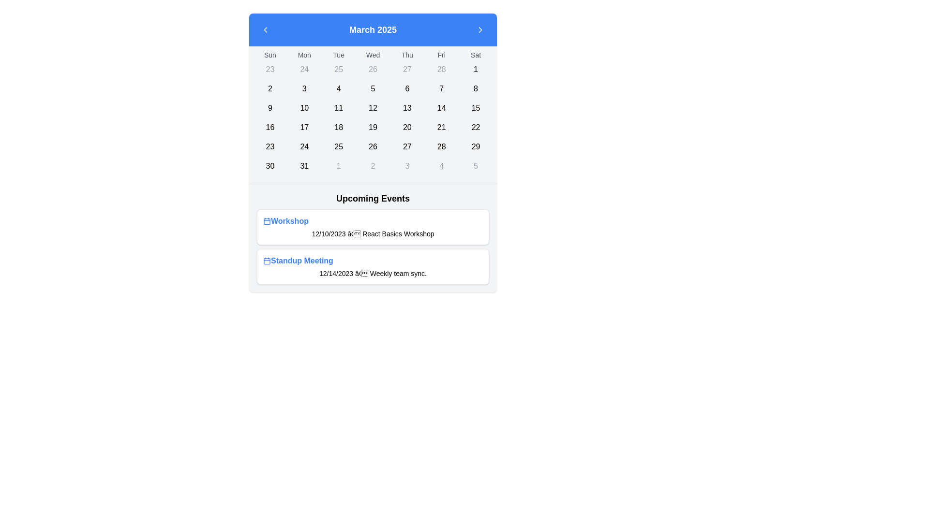 The image size is (929, 522). I want to click on the blue rectangular banner at the top of the calendar that contains the text 'March 2025', so click(373, 29).